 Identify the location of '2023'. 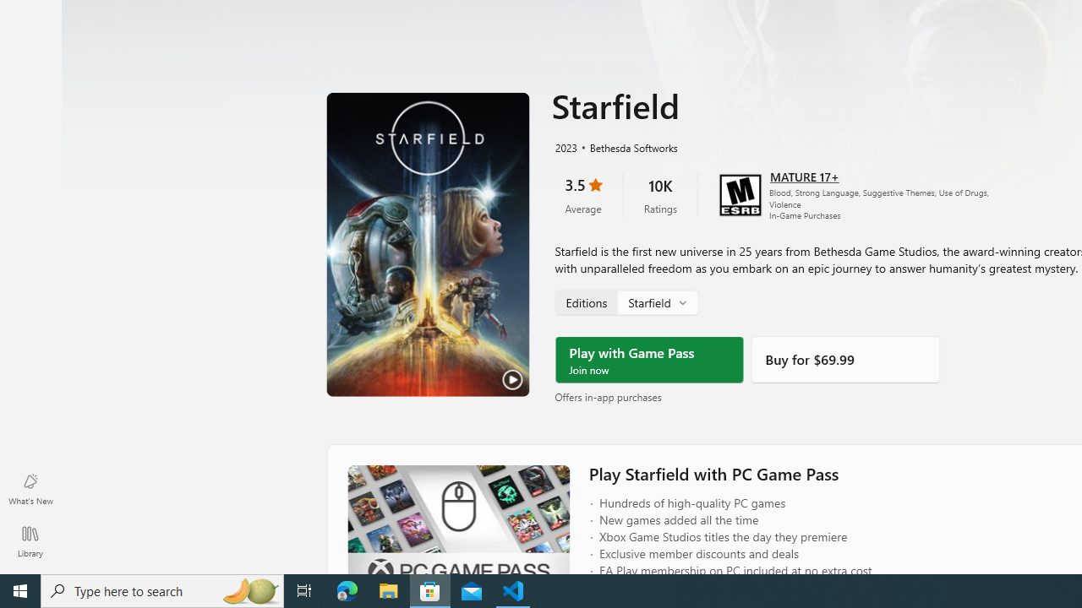
(565, 145).